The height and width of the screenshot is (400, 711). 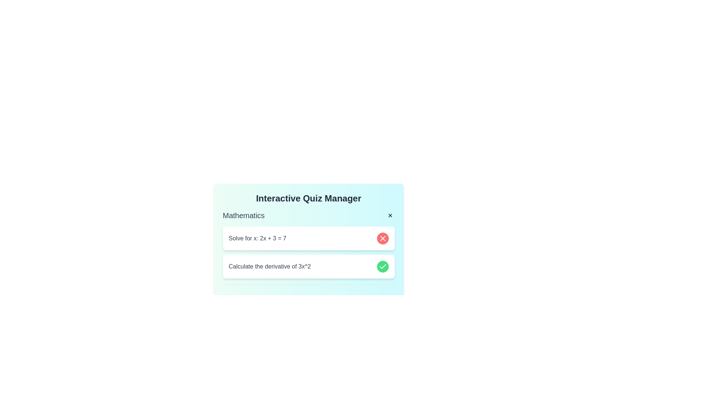 I want to click on the circular red button with an 'X' icon, so click(x=383, y=239).